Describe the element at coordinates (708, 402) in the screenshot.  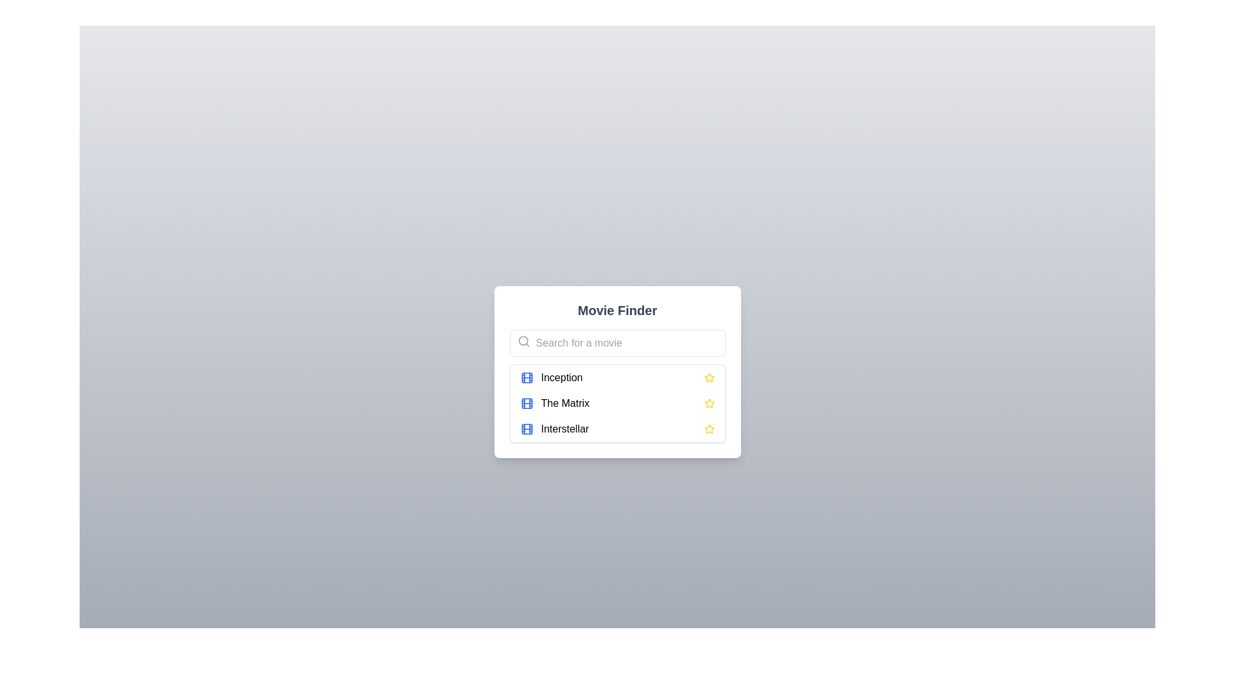
I see `the star-shaped icon located in the rightmost section of the row labeled 'The Matrix' to mark it as a favorite or to rate the movie` at that location.